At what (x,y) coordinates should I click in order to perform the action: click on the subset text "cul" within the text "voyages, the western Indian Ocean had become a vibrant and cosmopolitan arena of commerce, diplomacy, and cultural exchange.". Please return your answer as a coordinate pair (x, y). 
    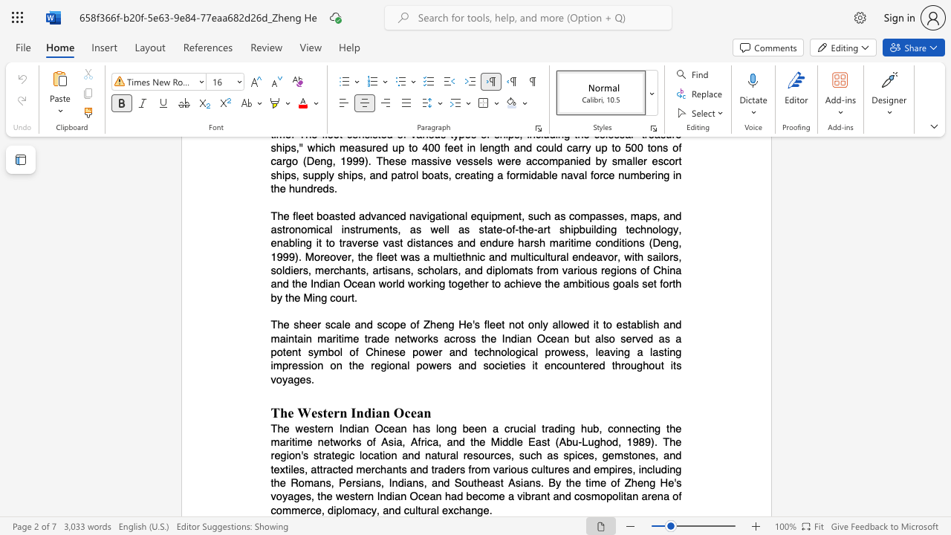
    Looking at the image, I should click on (403, 509).